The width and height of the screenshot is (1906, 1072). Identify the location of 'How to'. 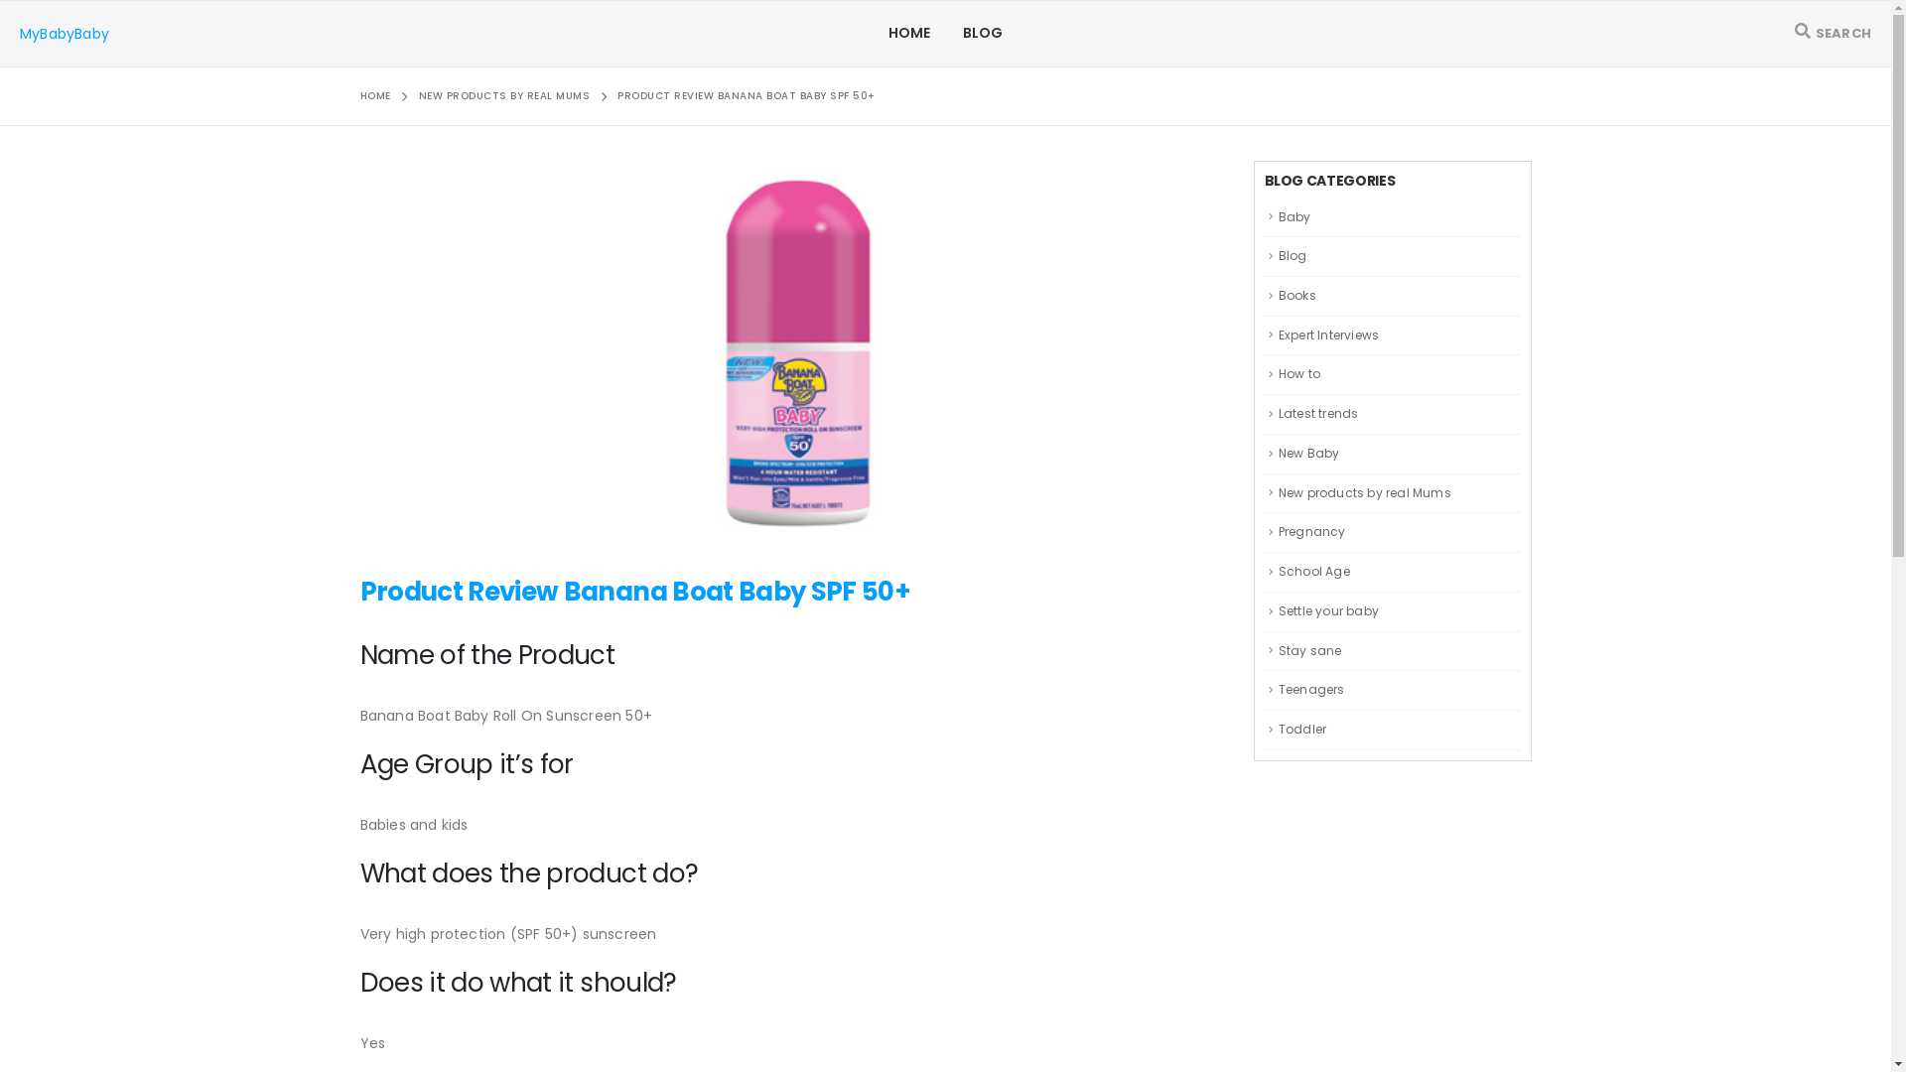
(1299, 373).